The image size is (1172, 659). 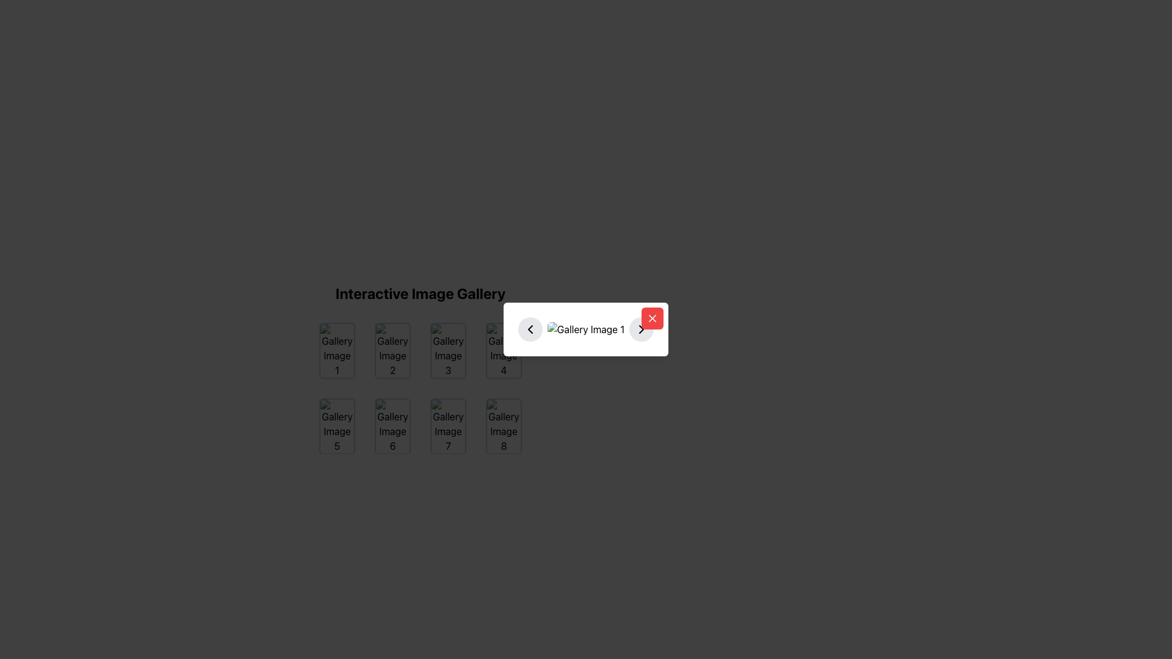 What do you see at coordinates (641, 329) in the screenshot?
I see `the rightmost circular button with a light gray background and a right chevron icon in black` at bounding box center [641, 329].